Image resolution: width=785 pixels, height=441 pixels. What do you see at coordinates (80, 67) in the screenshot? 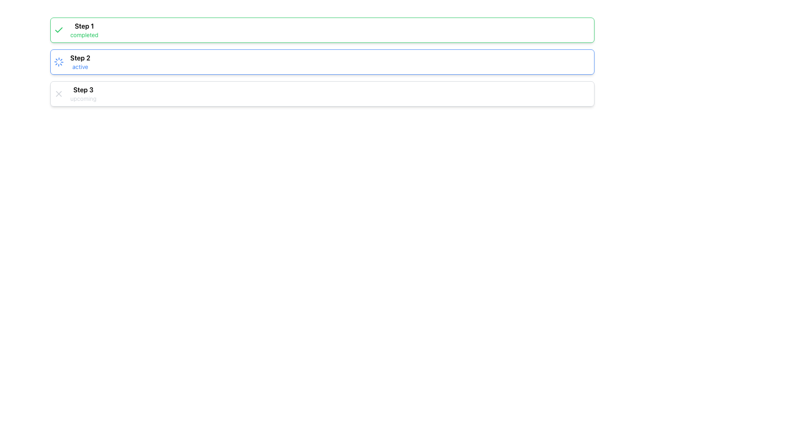
I see `the 'active' text label in the 'Step 2' section of the stepper component, which is colored blue and indicates a link or status` at bounding box center [80, 67].